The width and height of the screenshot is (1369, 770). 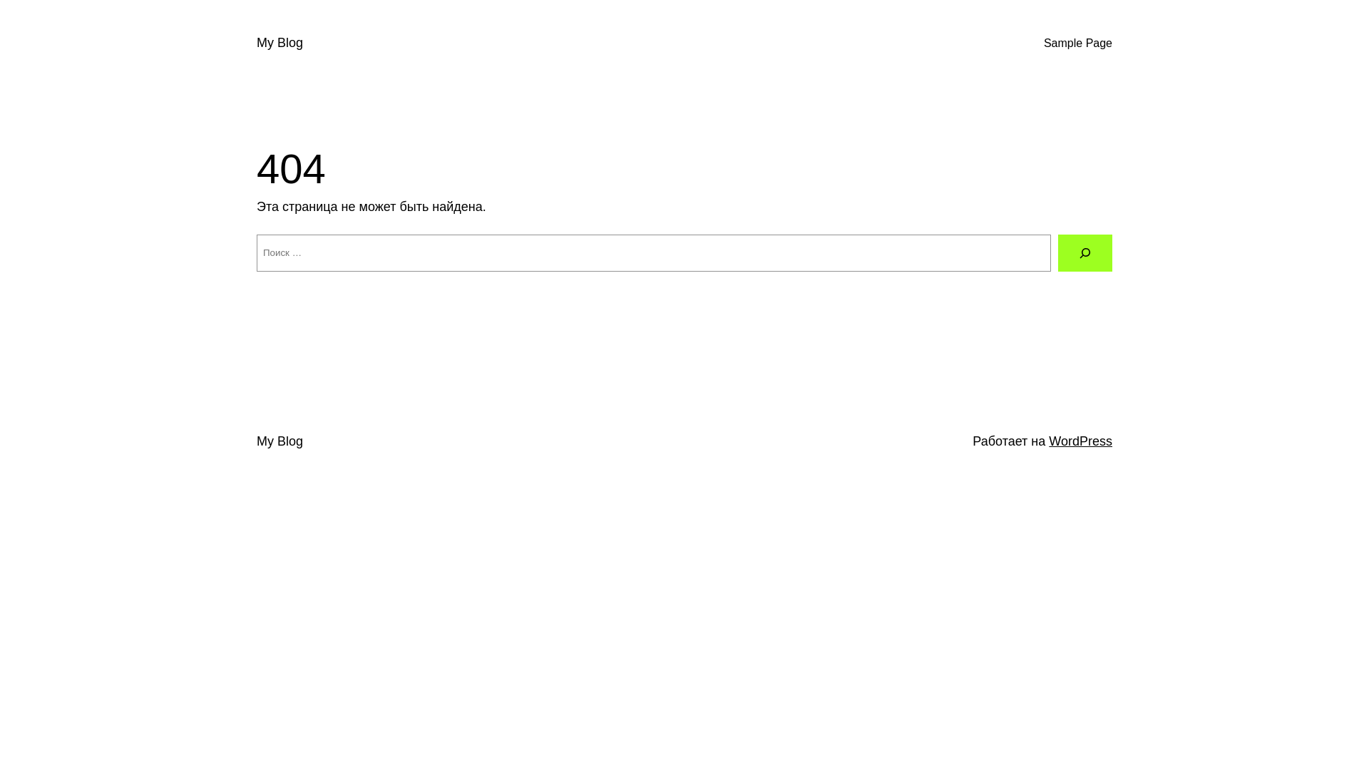 I want to click on 'WordPress', so click(x=1080, y=440).